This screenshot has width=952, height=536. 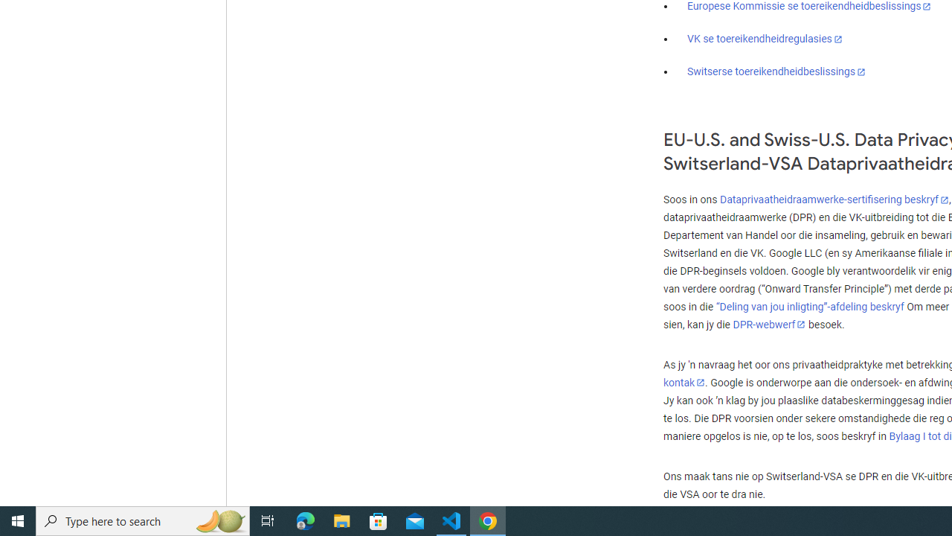 I want to click on 'VK se toereikendheidregulasies', so click(x=765, y=38).